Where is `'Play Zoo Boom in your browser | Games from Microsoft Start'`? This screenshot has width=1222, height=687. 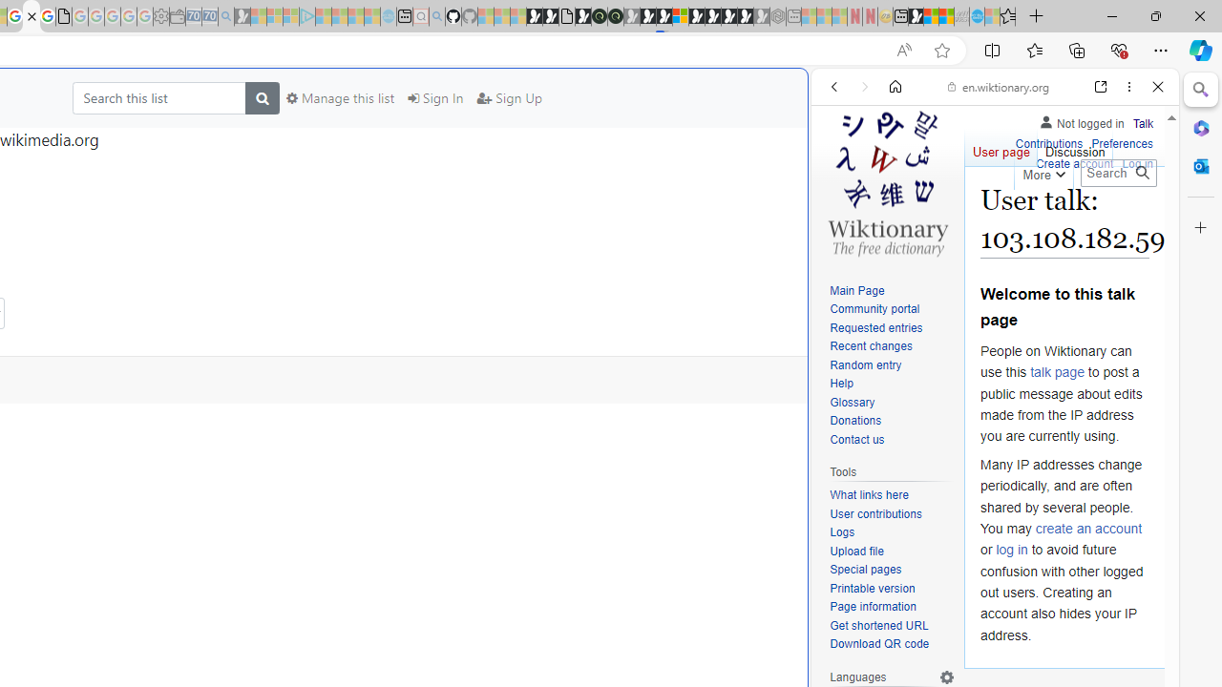
'Play Zoo Boom in your browser | Games from Microsoft Start' is located at coordinates (550, 16).